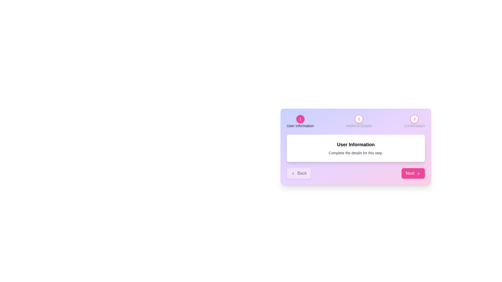 The image size is (502, 282). I want to click on the step indicator labeled Confirmation to navigate to its details, so click(414, 119).